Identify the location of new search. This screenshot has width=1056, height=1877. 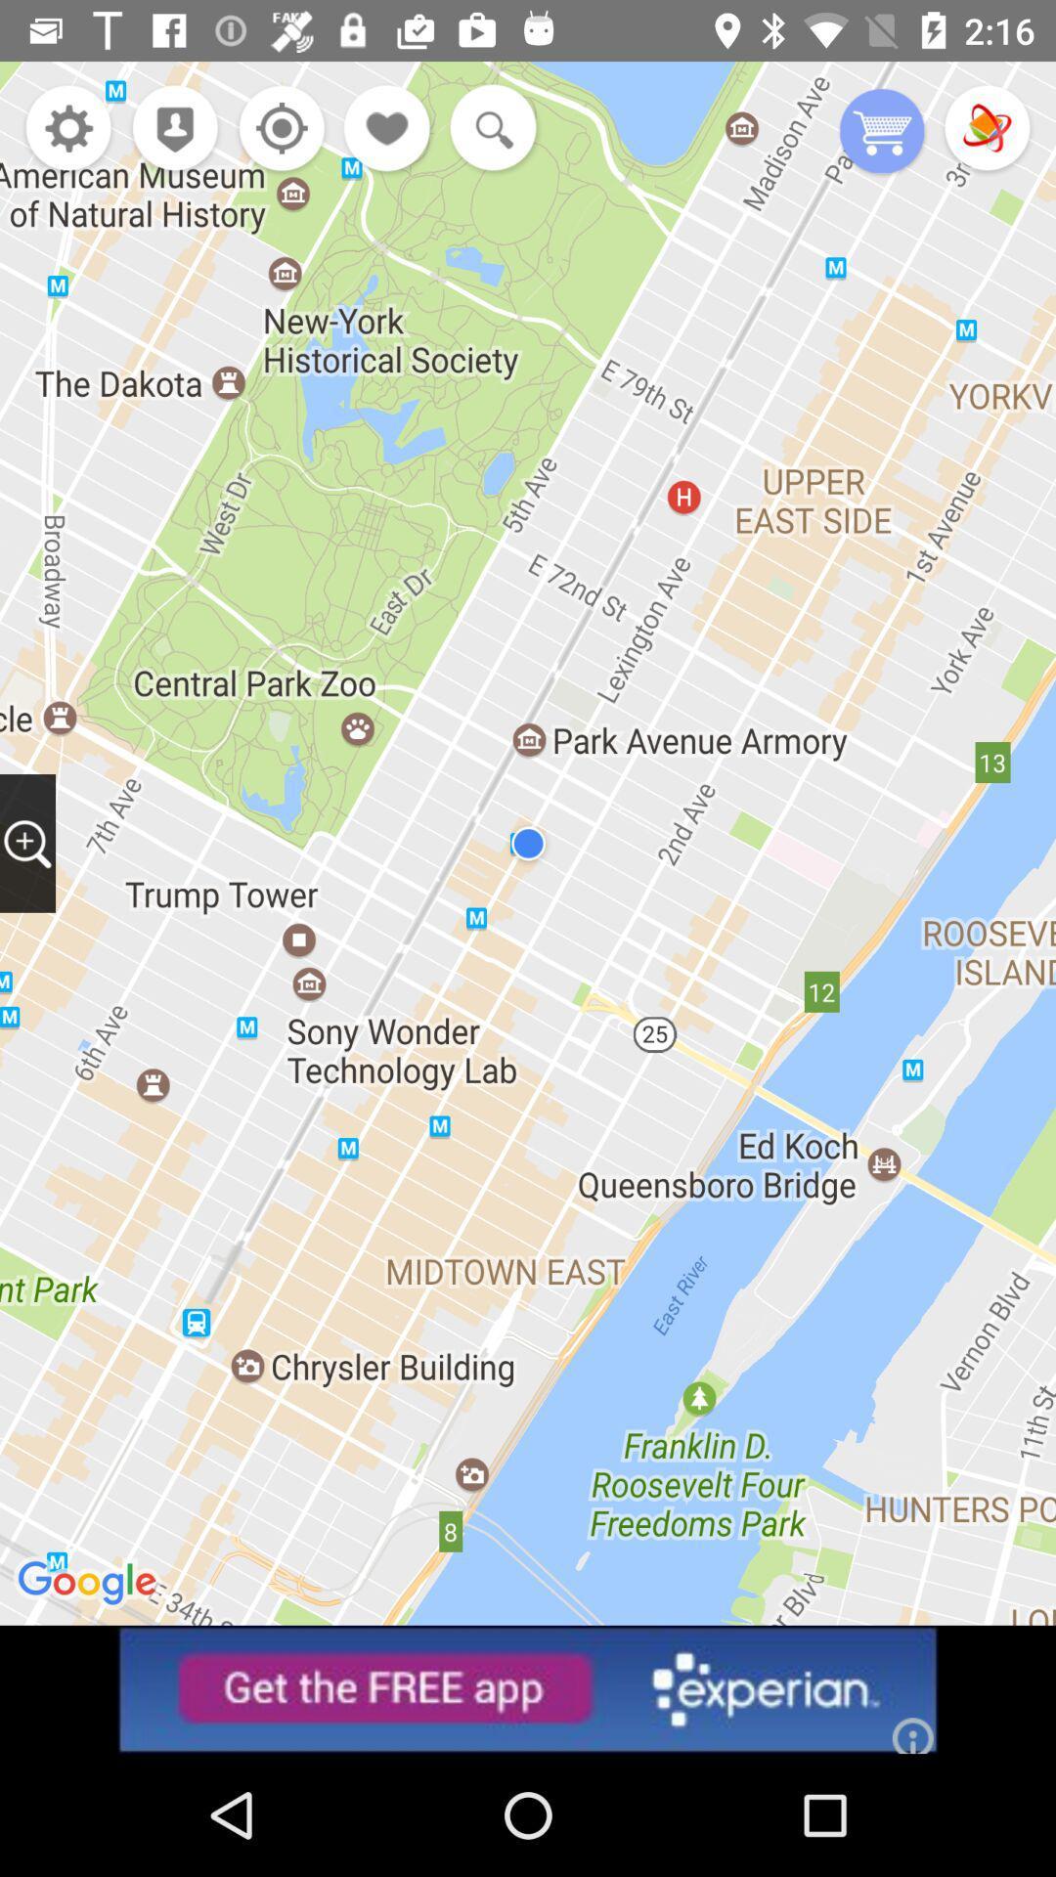
(488, 129).